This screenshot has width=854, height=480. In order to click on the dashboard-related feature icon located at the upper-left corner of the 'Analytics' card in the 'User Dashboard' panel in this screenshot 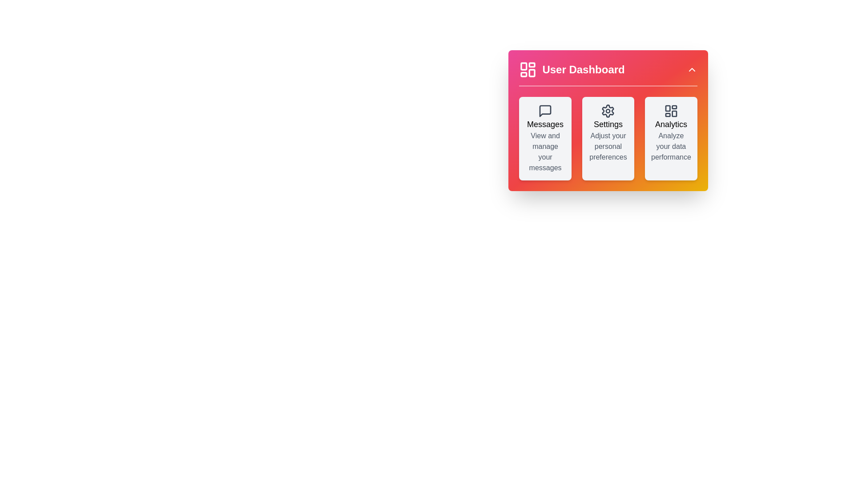, I will do `click(671, 111)`.